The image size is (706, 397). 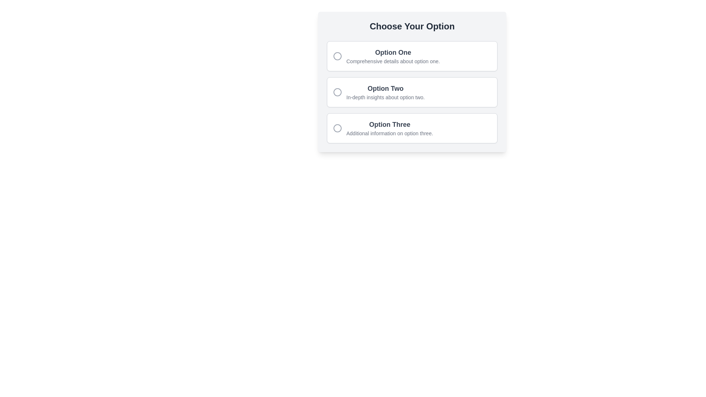 What do you see at coordinates (389, 128) in the screenshot?
I see `the third option in a vertically stacked list of selectable options, which is styled as a selectable card with a circular indicator to its left` at bounding box center [389, 128].